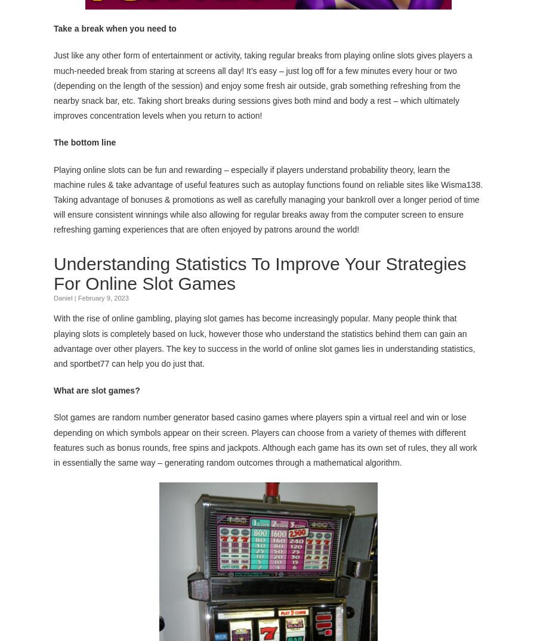  I want to click on '|', so click(75, 297).